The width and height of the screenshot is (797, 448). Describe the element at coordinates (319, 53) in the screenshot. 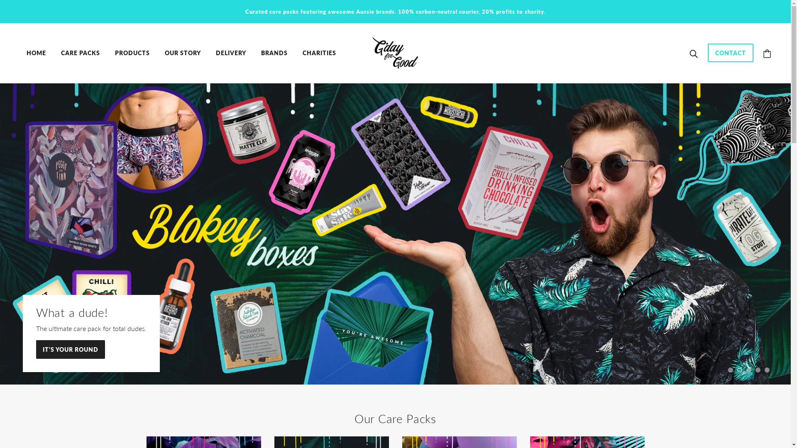

I see `'CHARITIES'` at that location.